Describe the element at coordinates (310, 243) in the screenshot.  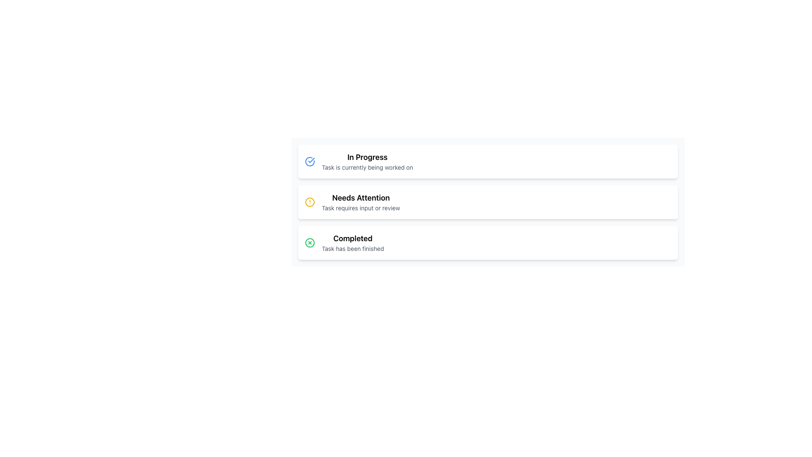
I see `the circular icon with a green border and red 'X' symbol, which is located to the left of the 'Completed' label` at that location.